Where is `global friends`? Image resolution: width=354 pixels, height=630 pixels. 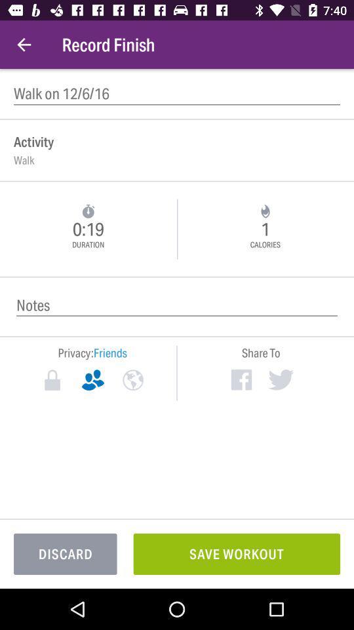 global friends is located at coordinates (132, 380).